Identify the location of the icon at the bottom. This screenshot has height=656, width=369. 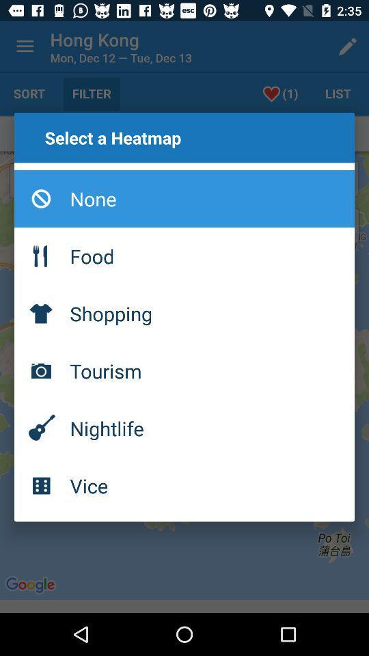
(184, 485).